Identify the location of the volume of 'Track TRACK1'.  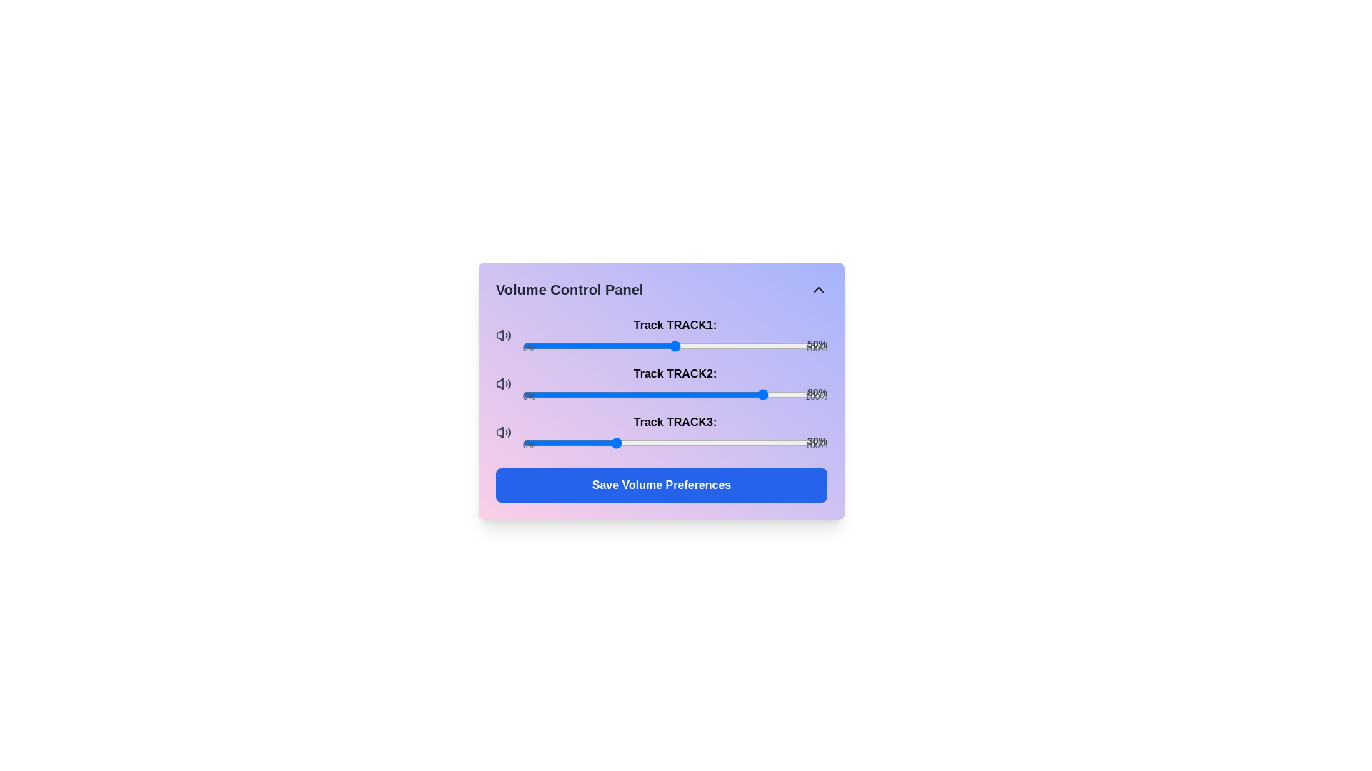
(665, 346).